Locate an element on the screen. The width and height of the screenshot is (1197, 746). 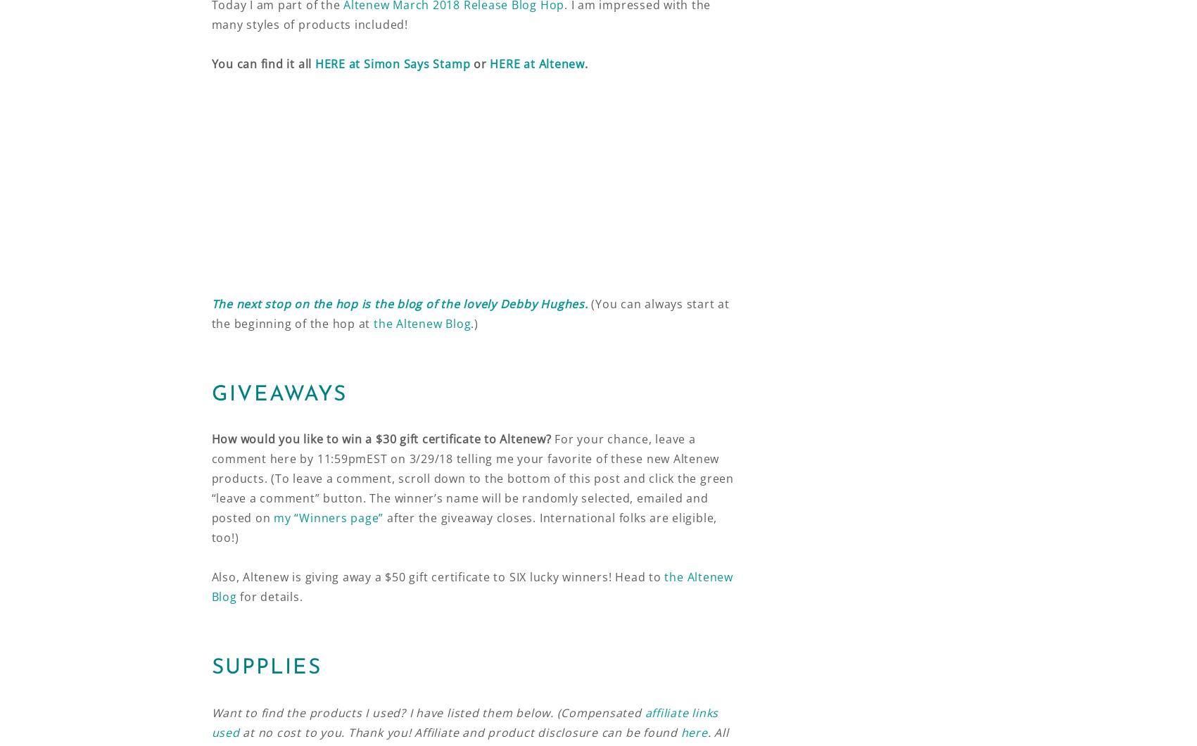
'.' is located at coordinates (585, 63).